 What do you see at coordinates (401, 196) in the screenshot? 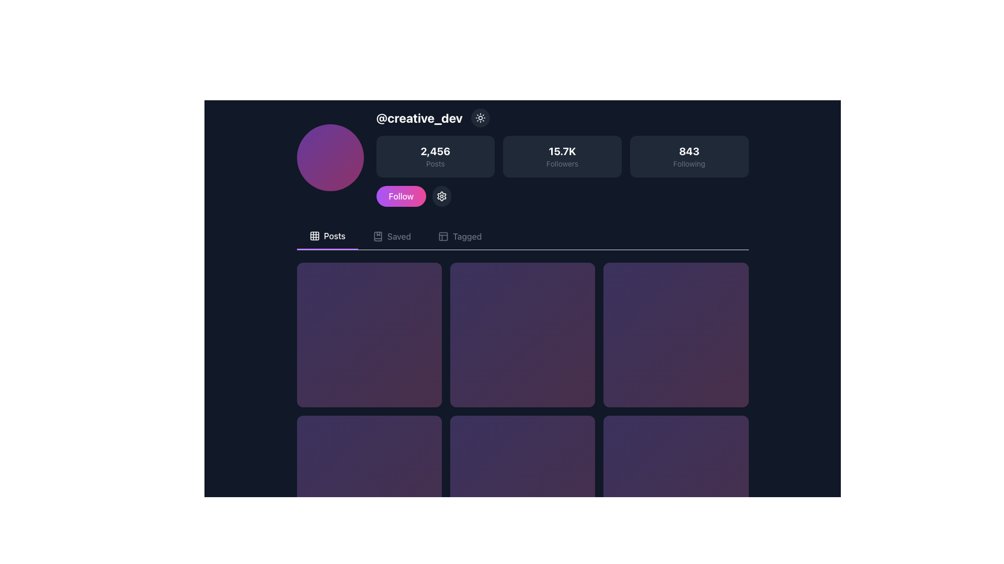
I see `the 'Follow' button located near the top-center of the page, adjacent to the user profile picture and name, to follow the user` at bounding box center [401, 196].